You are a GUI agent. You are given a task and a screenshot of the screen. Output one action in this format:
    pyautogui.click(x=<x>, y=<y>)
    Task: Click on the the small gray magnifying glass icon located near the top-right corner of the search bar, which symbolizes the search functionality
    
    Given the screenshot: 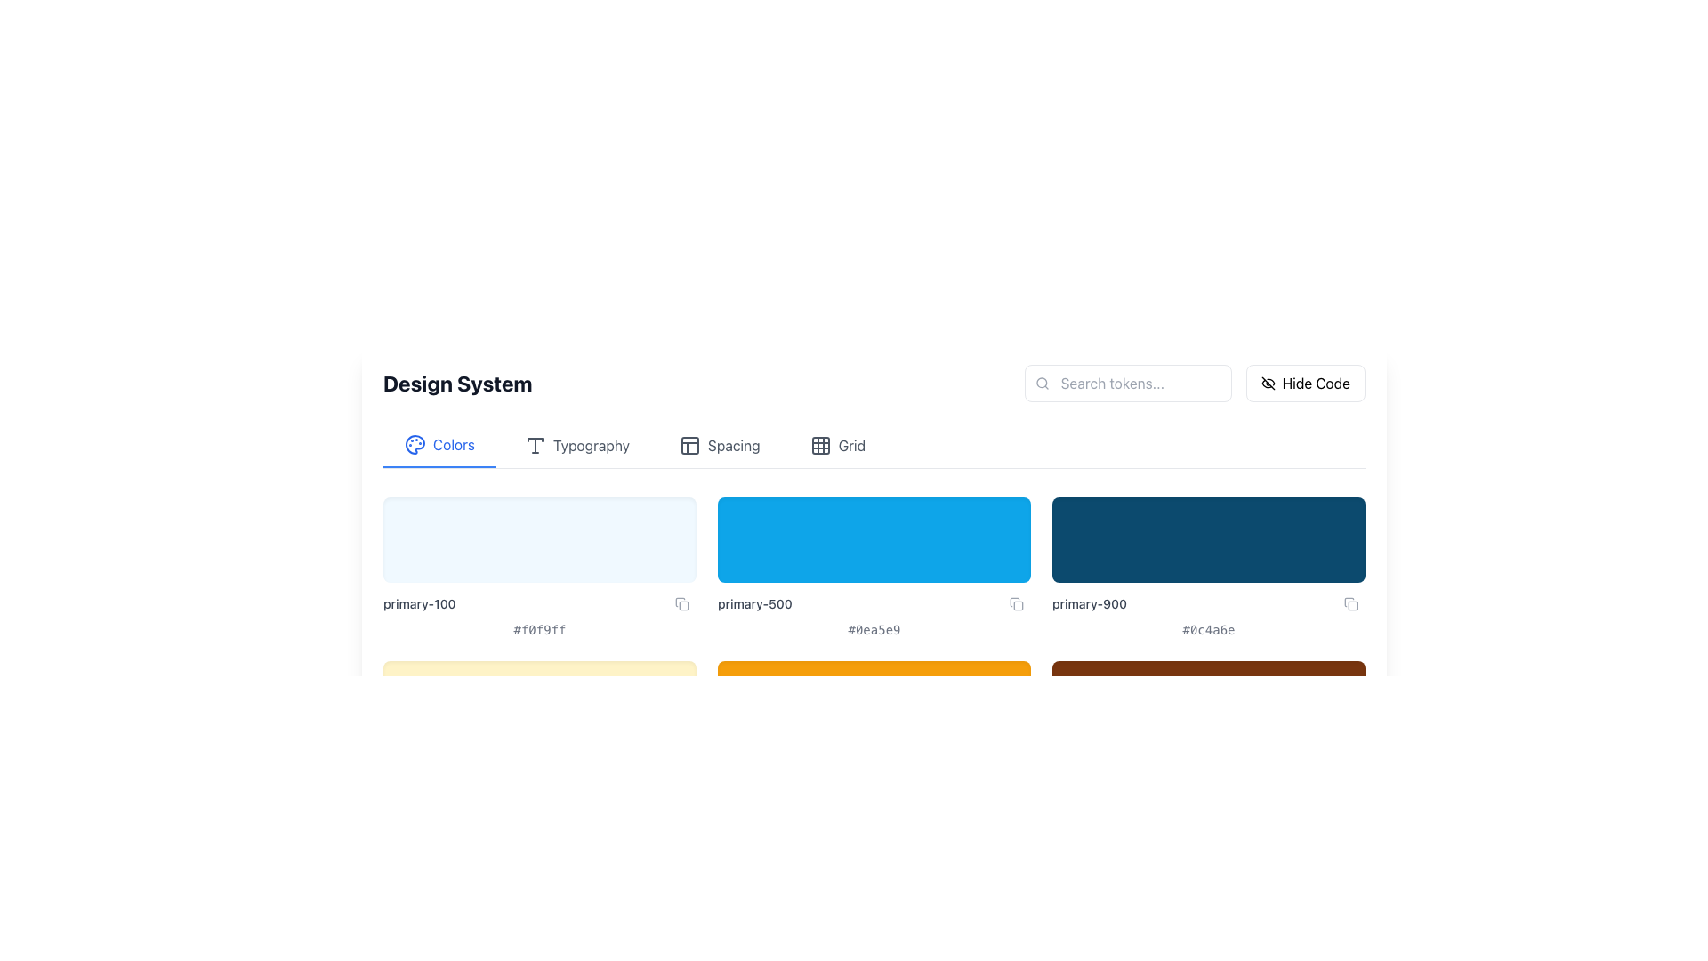 What is the action you would take?
    pyautogui.click(x=1042, y=383)
    